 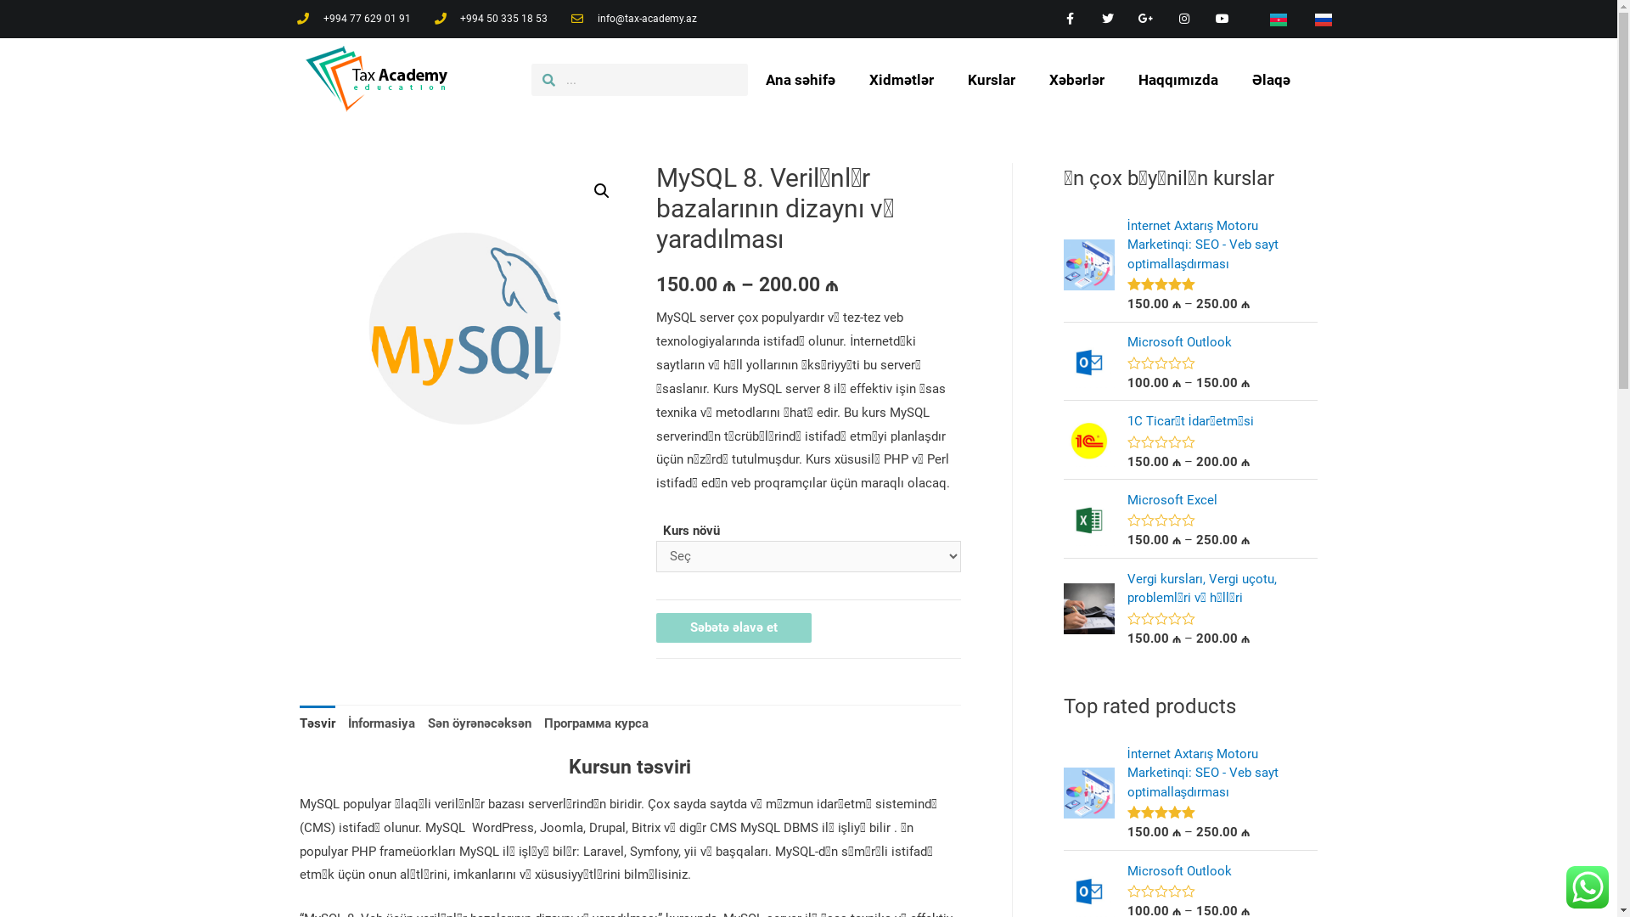 What do you see at coordinates (1587, 886) in the screenshot?
I see `'WhatsApp'` at bounding box center [1587, 886].